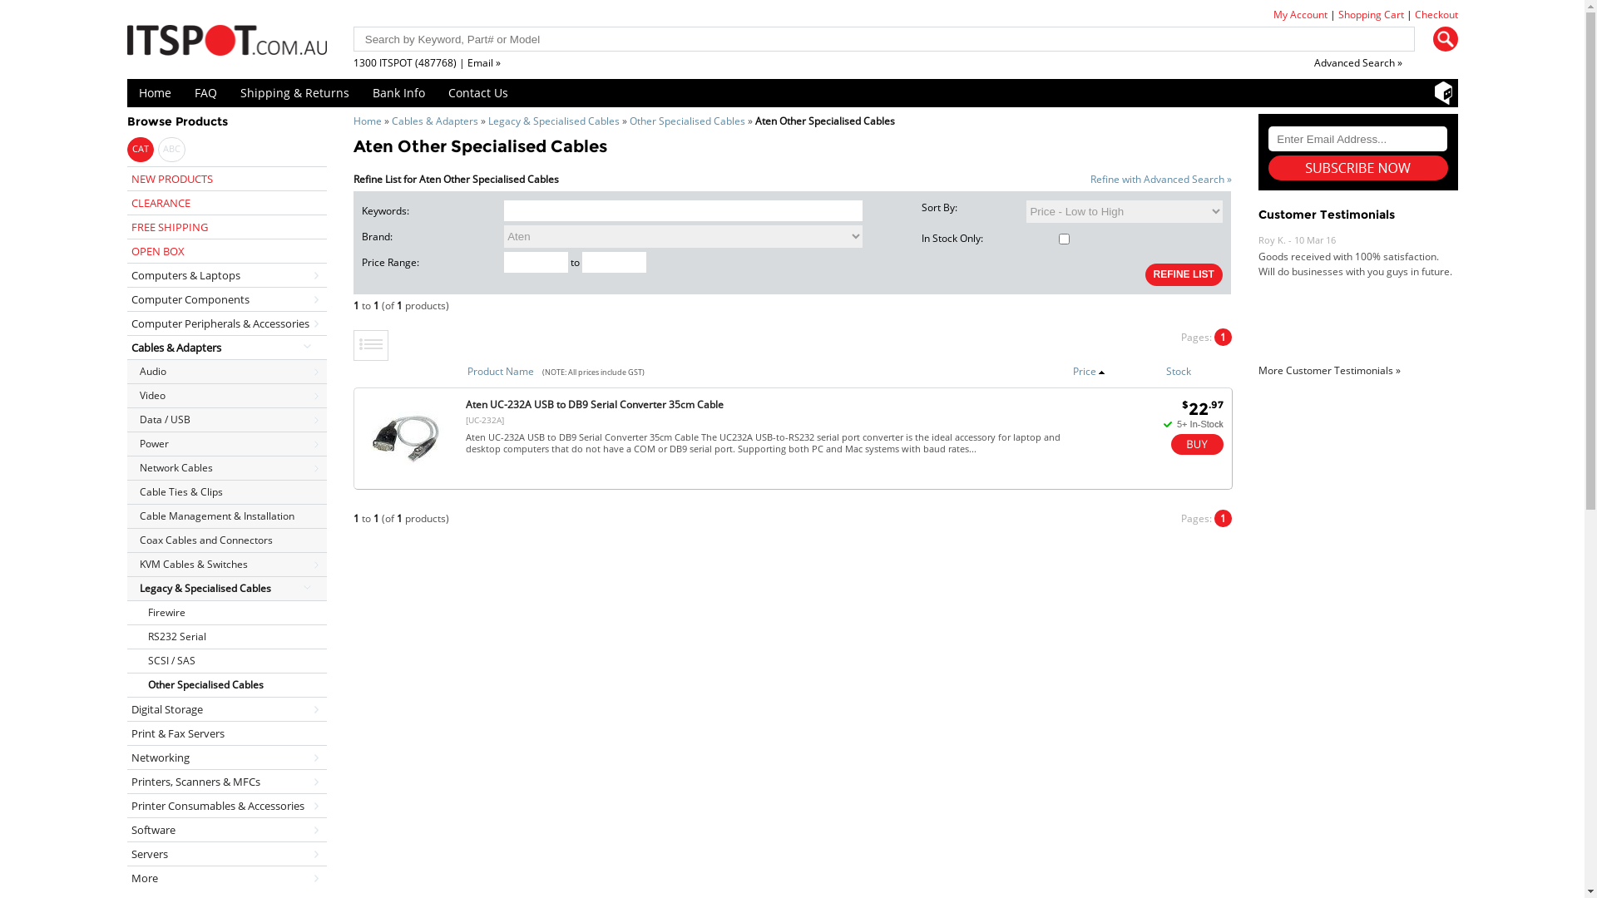 This screenshot has height=898, width=1597. Describe the element at coordinates (140, 150) in the screenshot. I see `'CAT'` at that location.